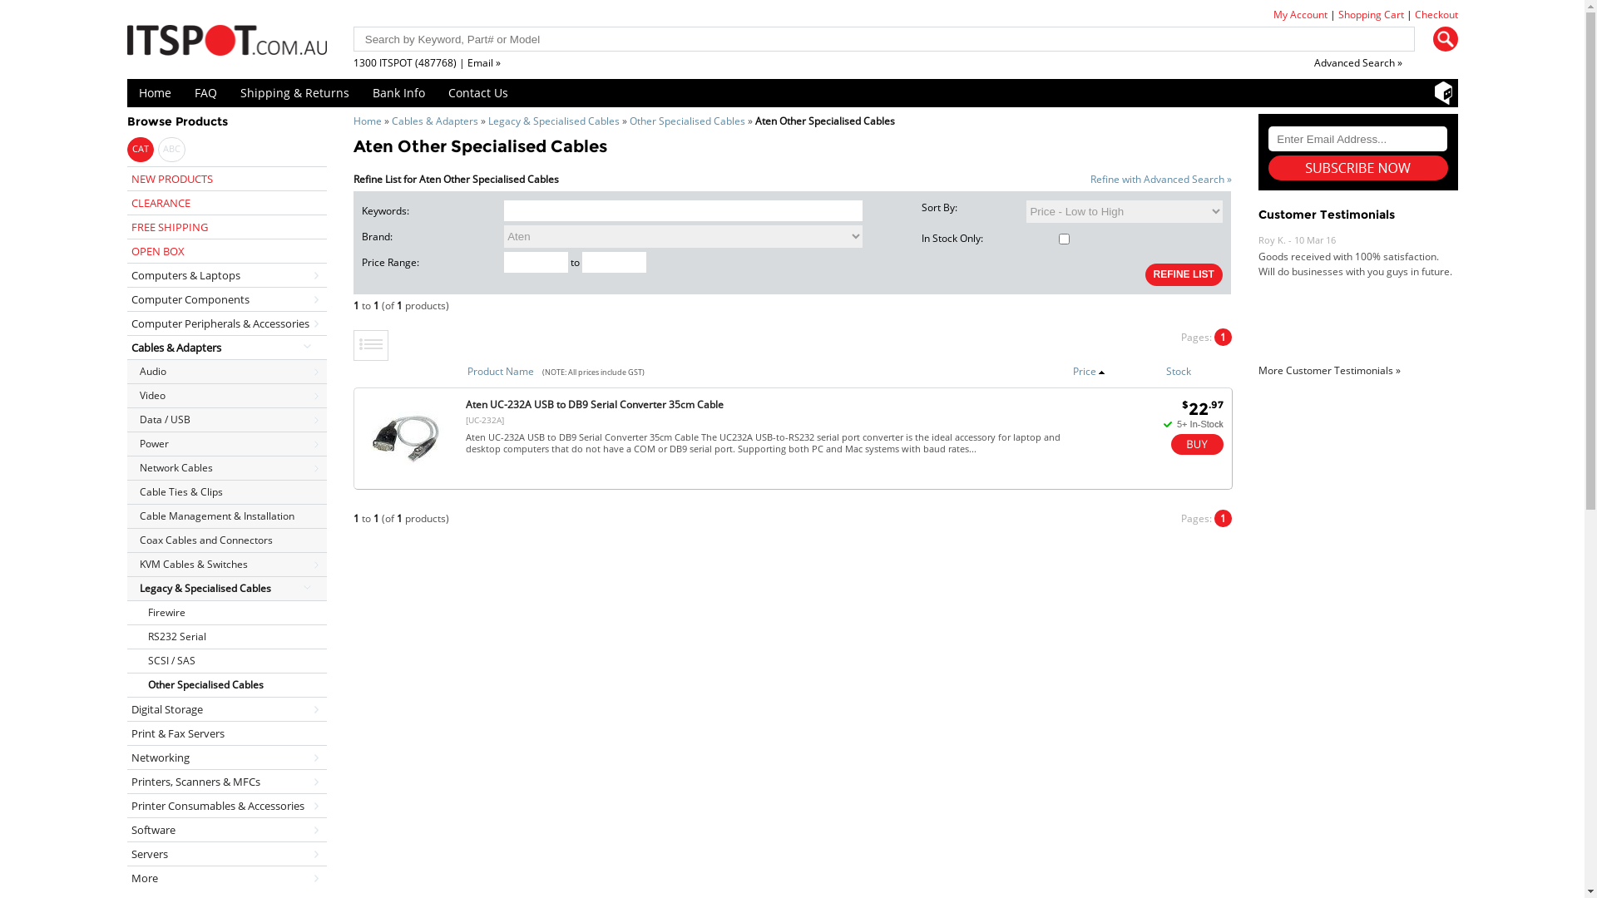 This screenshot has height=898, width=1597. Describe the element at coordinates (140, 150) in the screenshot. I see `'CAT'` at that location.